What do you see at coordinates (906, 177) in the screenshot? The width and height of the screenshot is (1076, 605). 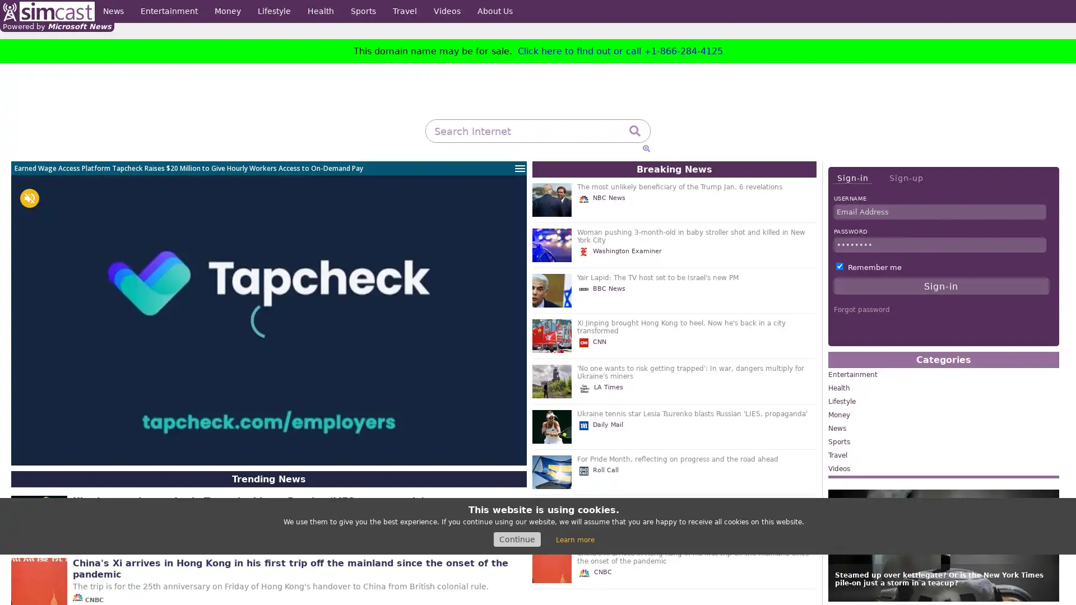 I see `Sign-up` at bounding box center [906, 177].